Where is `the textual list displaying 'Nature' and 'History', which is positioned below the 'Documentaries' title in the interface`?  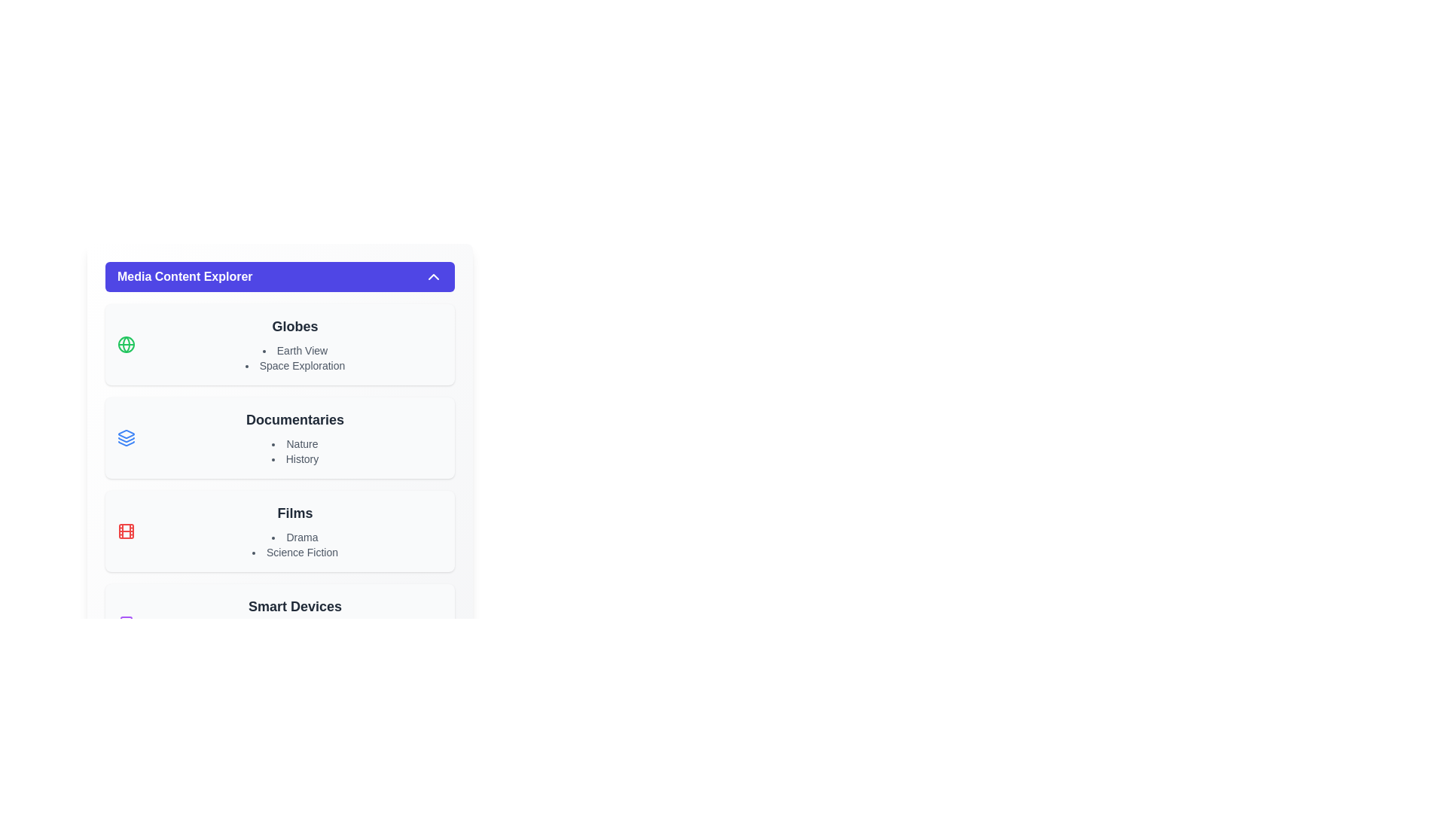
the textual list displaying 'Nature' and 'History', which is positioned below the 'Documentaries' title in the interface is located at coordinates (295, 451).